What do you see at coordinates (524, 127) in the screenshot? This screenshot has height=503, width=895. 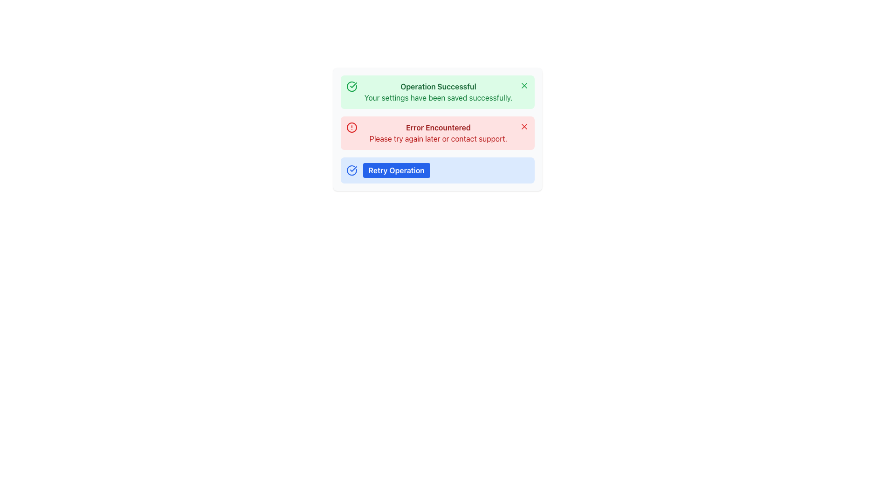 I see `the close icon (X) located near the right side of the 'Error Encountered' message` at bounding box center [524, 127].